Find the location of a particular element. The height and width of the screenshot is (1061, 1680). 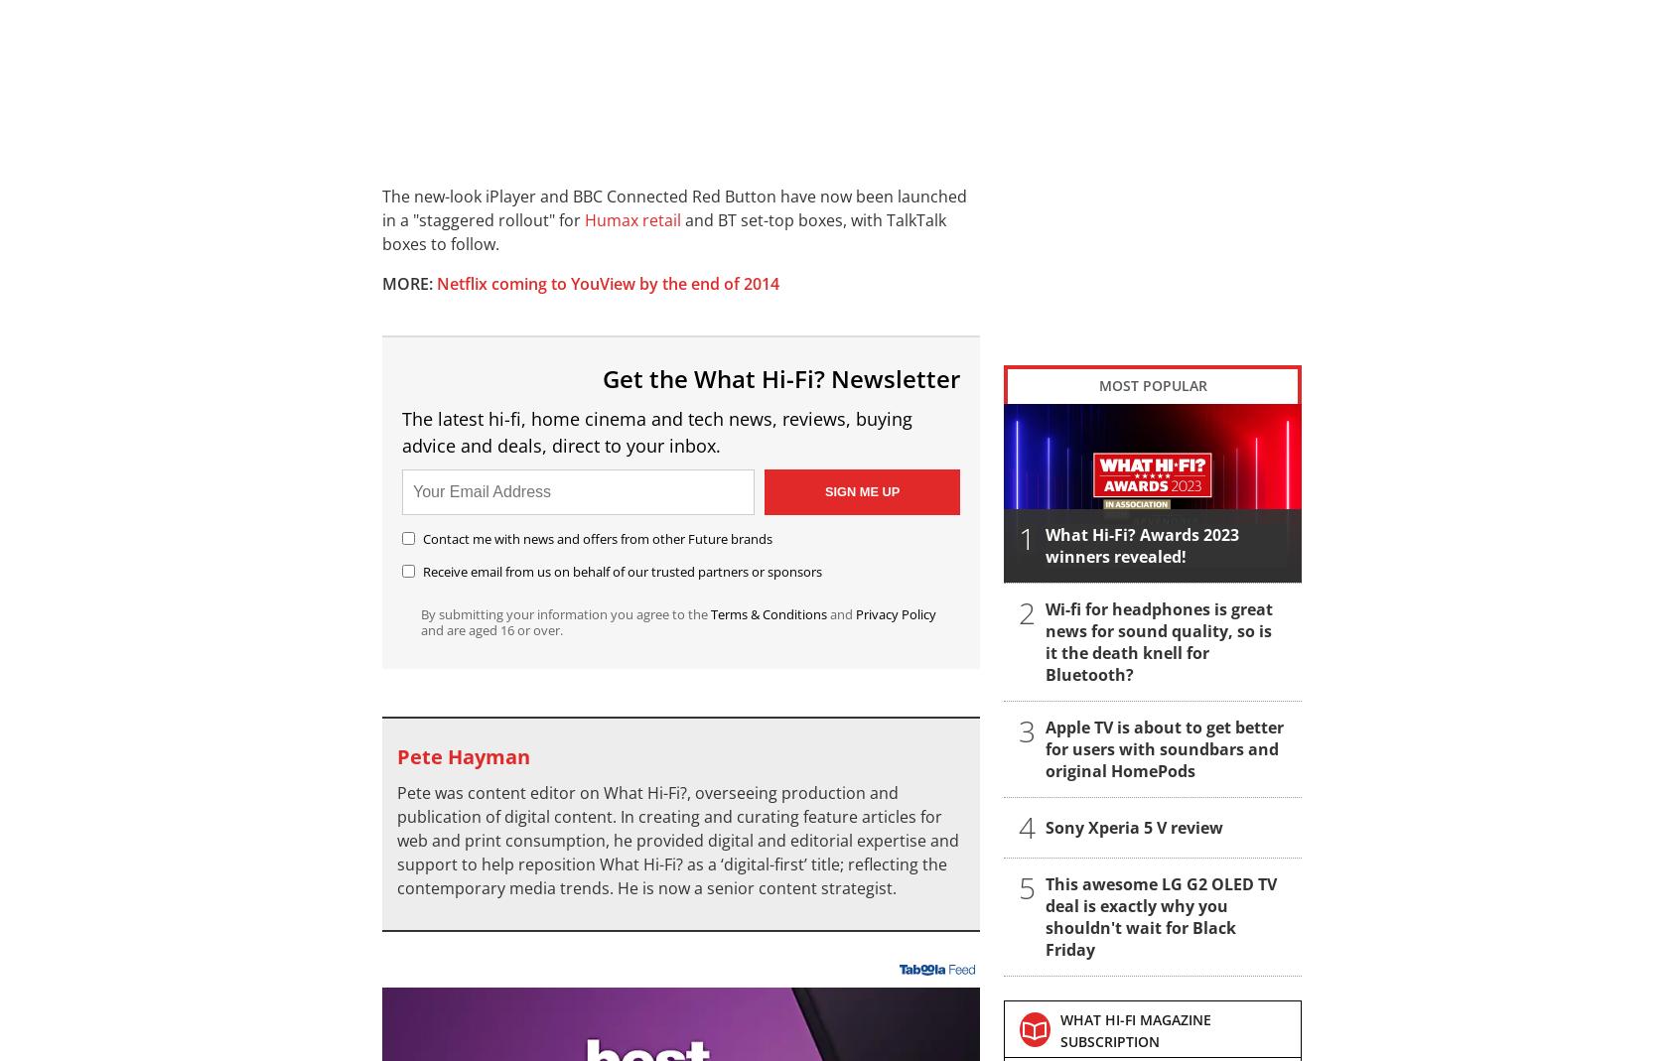

'Pete was content editor on' is located at coordinates (500, 792).